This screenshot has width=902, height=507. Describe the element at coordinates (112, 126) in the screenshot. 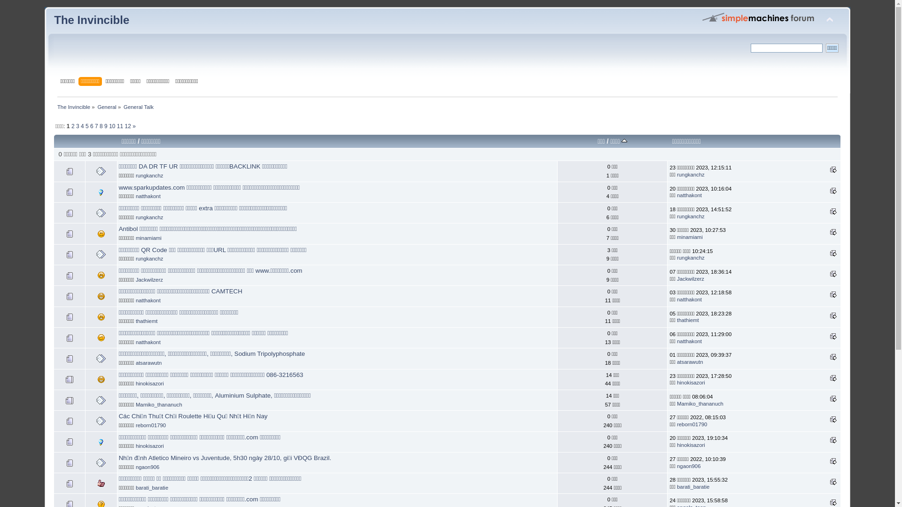

I see `'10'` at that location.